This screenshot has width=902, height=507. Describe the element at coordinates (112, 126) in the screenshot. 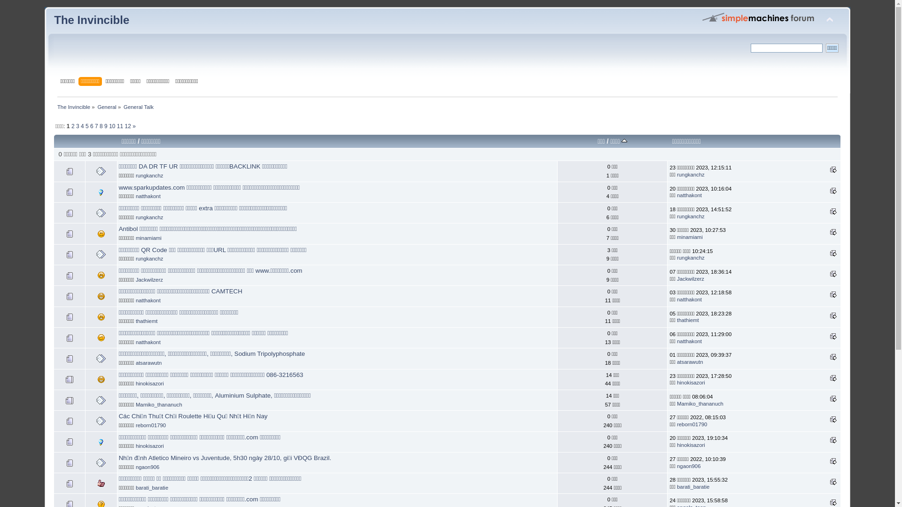

I see `'10'` at that location.